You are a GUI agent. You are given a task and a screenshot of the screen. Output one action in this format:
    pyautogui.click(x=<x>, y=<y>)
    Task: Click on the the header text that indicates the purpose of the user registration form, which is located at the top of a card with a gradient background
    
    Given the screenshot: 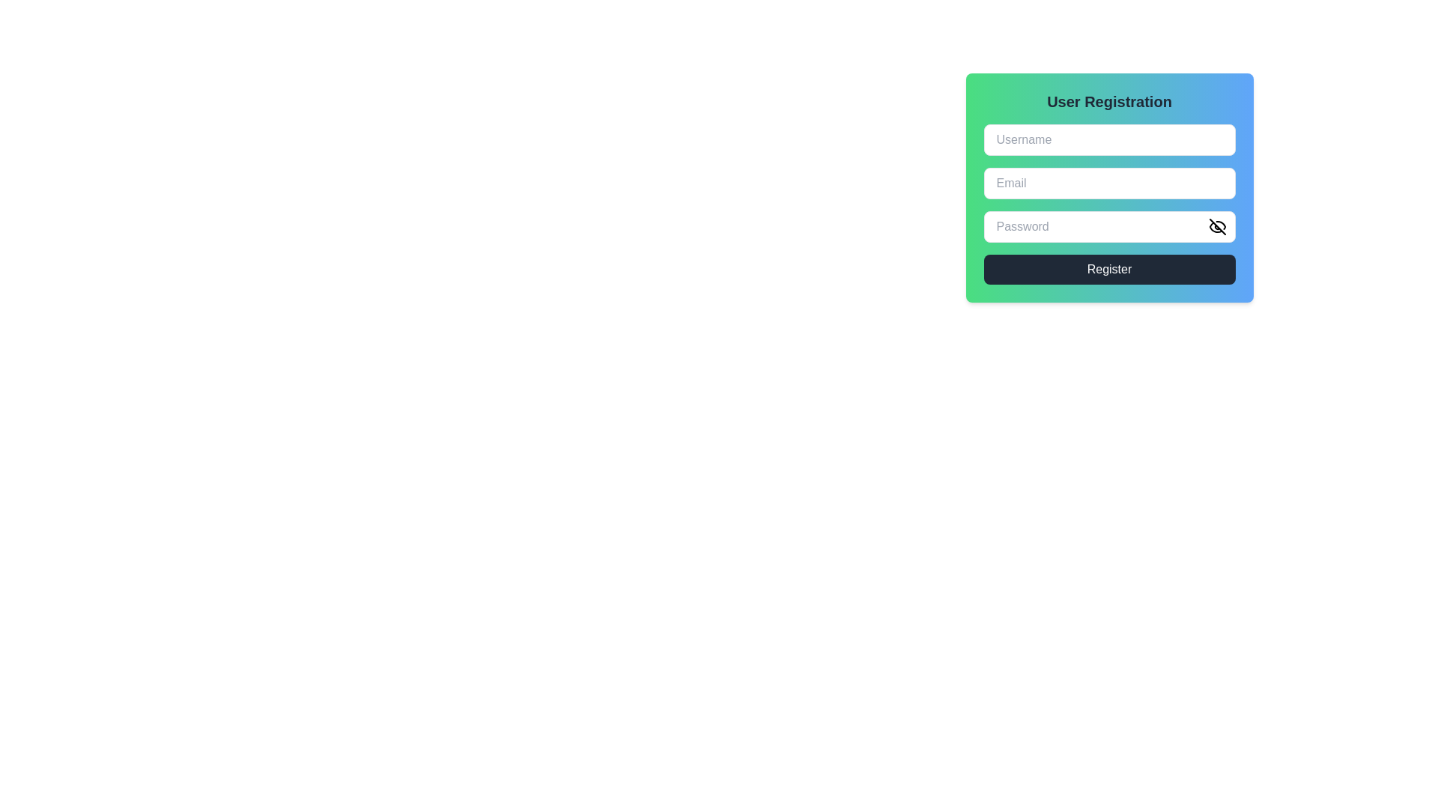 What is the action you would take?
    pyautogui.click(x=1109, y=101)
    